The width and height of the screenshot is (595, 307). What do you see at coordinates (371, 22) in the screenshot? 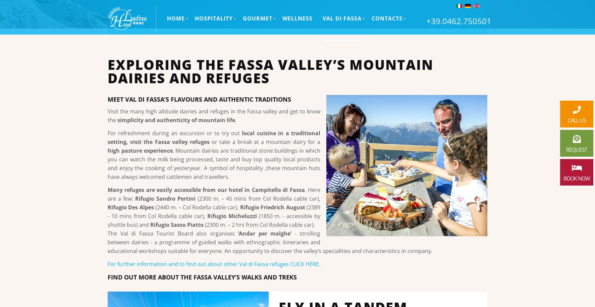
I see `'Contacts'` at bounding box center [371, 22].